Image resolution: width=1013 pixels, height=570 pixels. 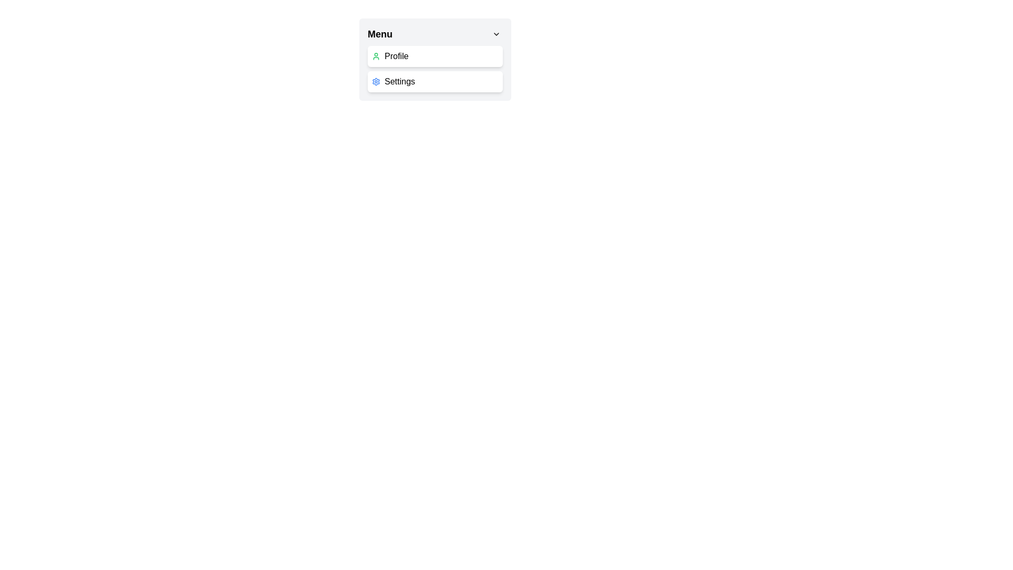 I want to click on the small interactive button with a downward-pointing chevron icon, so click(x=495, y=34).